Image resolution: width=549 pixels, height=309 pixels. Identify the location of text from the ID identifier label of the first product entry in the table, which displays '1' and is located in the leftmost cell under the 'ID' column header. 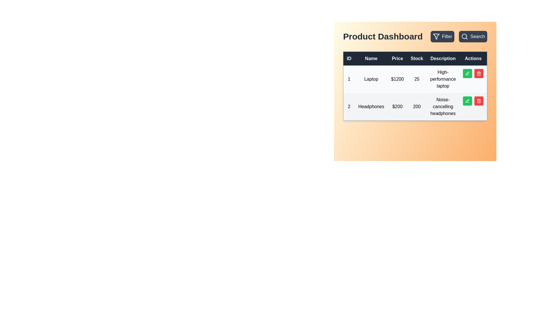
(349, 79).